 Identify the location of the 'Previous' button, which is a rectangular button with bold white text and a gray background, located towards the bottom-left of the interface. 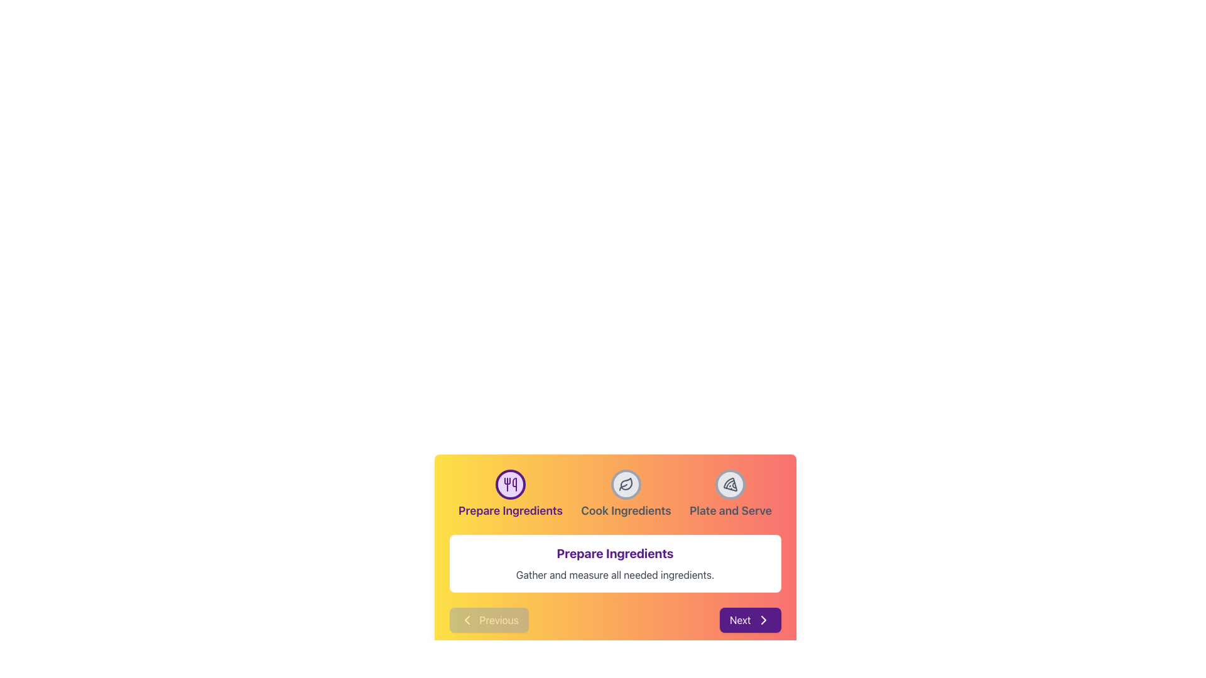
(488, 619).